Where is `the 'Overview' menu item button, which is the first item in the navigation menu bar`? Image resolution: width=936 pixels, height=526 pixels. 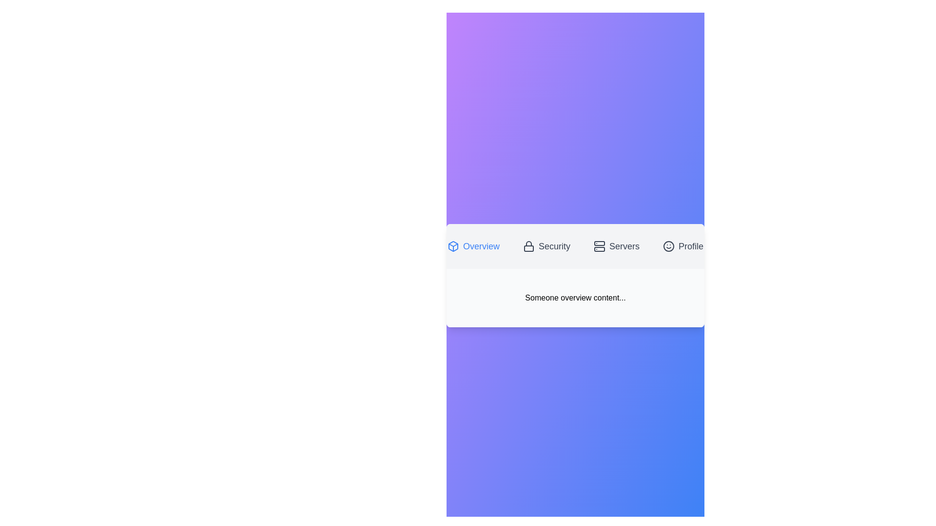 the 'Overview' menu item button, which is the first item in the navigation menu bar is located at coordinates (473, 245).